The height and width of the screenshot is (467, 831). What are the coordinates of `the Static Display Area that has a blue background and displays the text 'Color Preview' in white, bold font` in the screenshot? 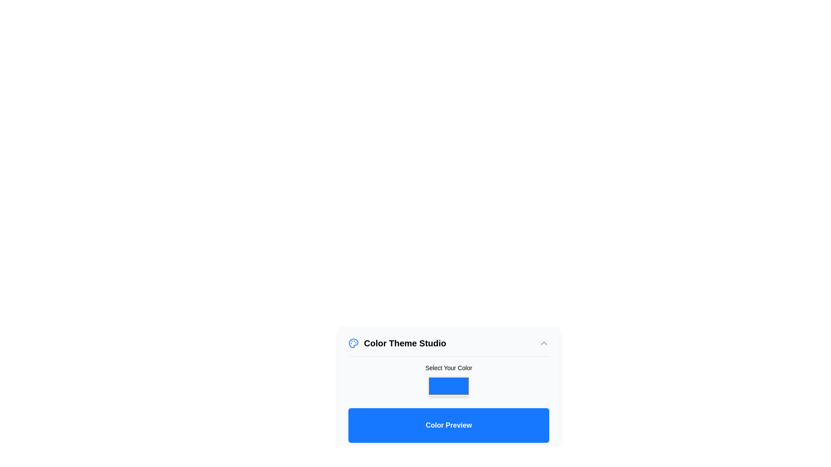 It's located at (448, 425).